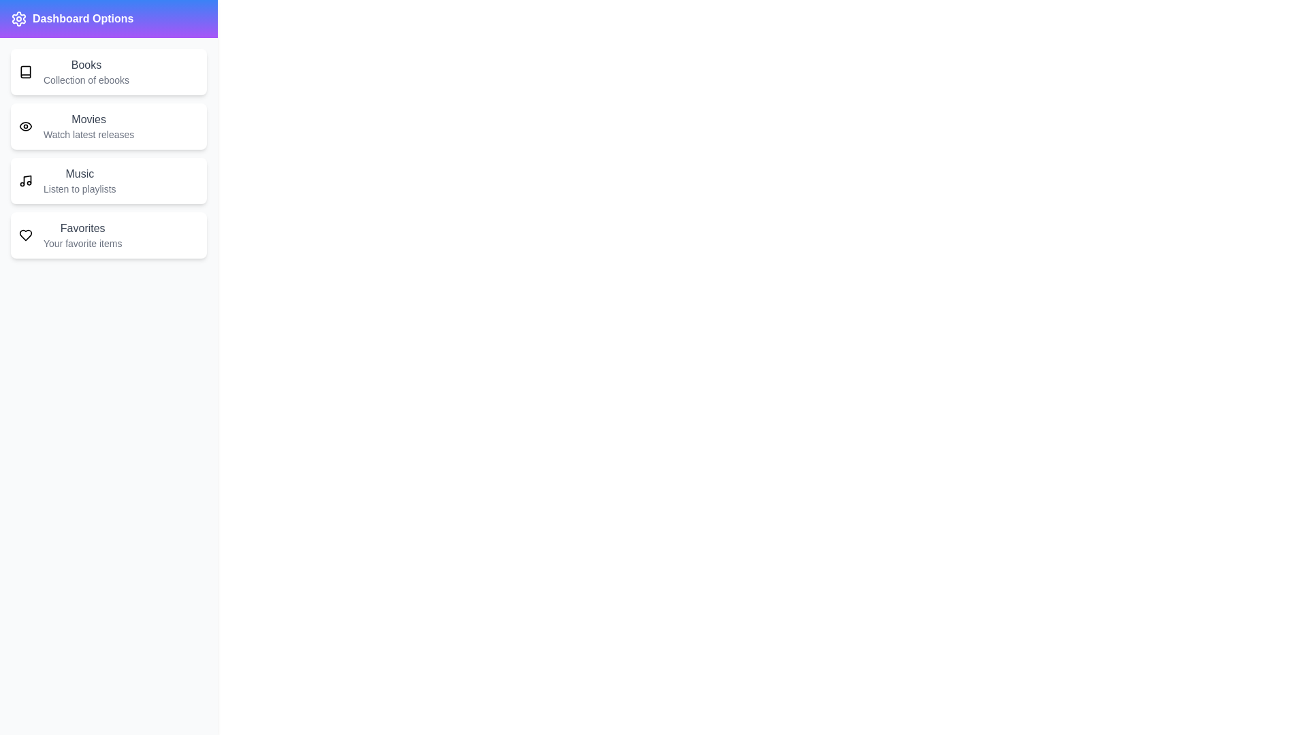  Describe the element at coordinates (40, 33) in the screenshot. I see `the 'Navigate' button to toggle the drawer's visibility` at that location.